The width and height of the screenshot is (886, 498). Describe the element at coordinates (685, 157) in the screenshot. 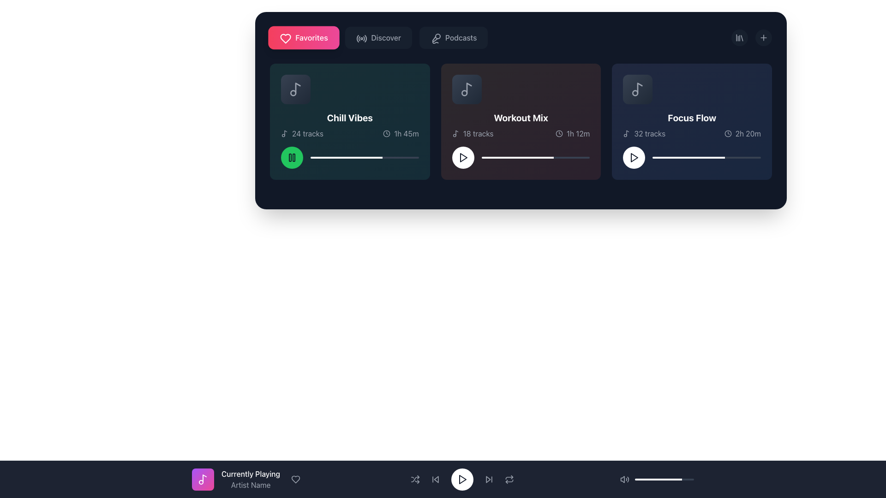

I see `the slider position` at that location.